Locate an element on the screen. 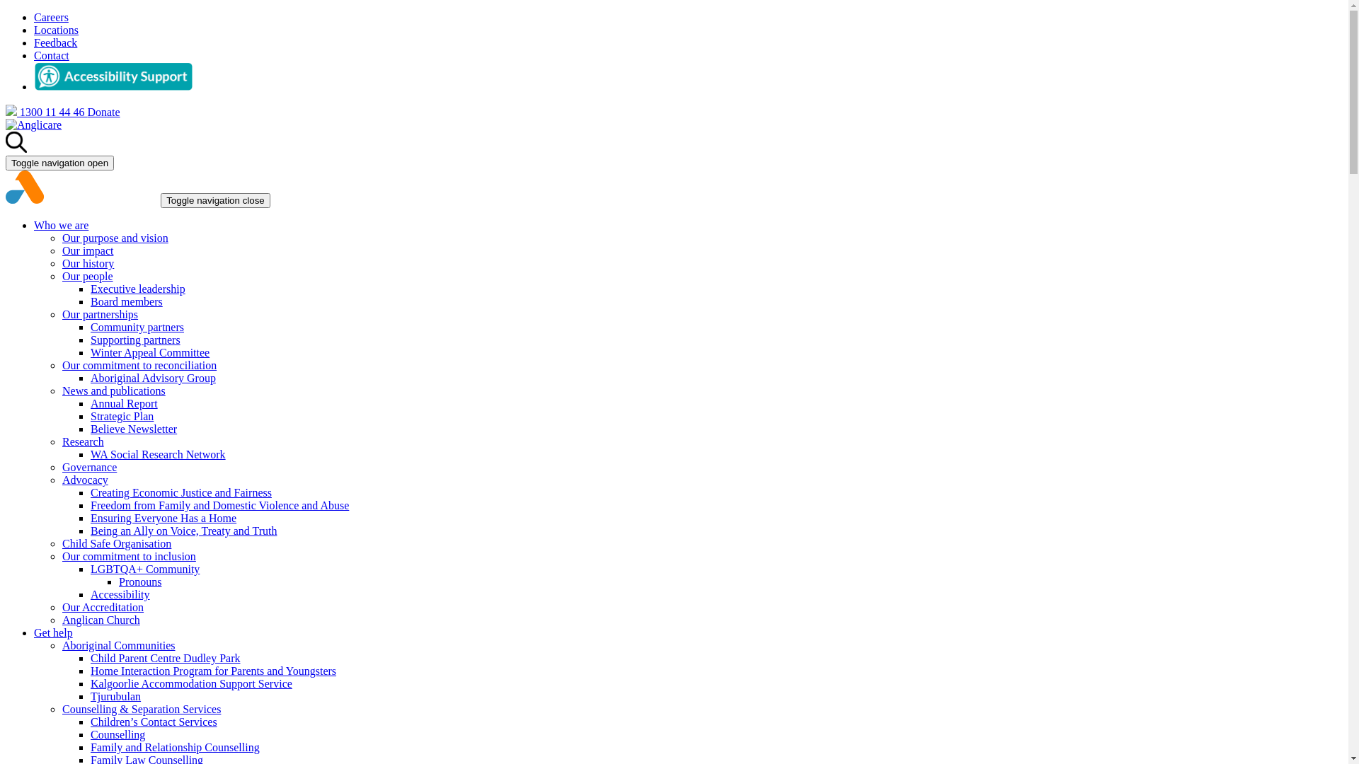  'Counselling' is located at coordinates (117, 734).